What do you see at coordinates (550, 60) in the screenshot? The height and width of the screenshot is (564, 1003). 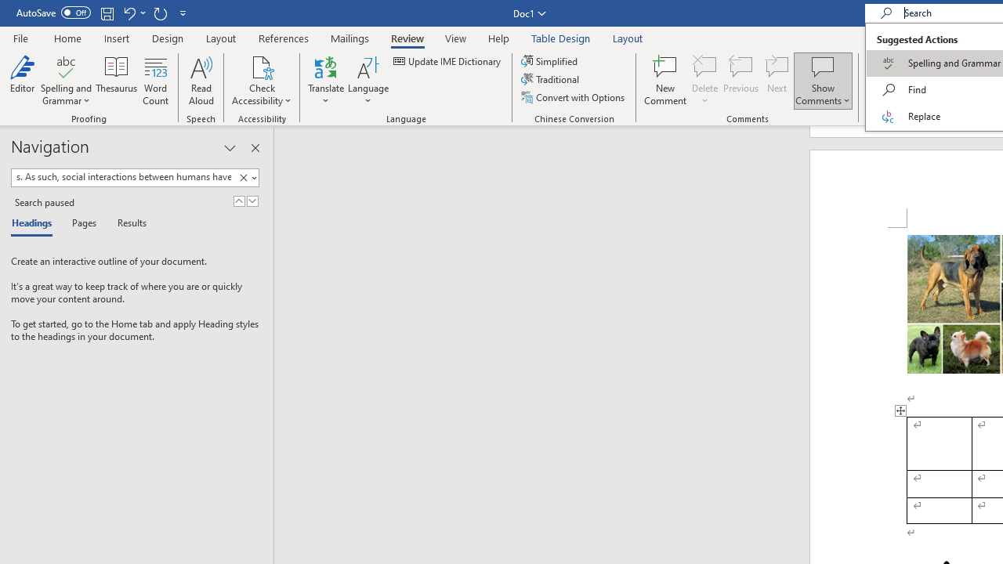 I see `'Simplified'` at bounding box center [550, 60].